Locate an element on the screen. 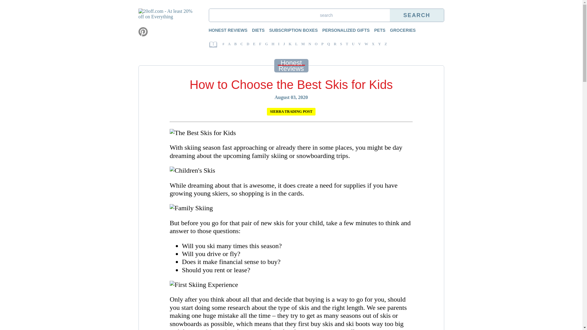  'PERSONALIZED GIFTS' is located at coordinates (343, 29).